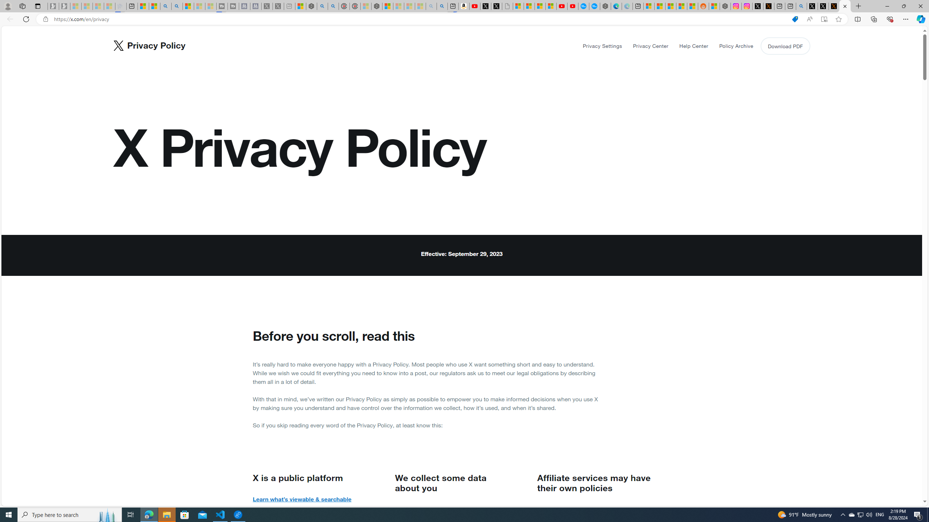 The width and height of the screenshot is (929, 522). Describe the element at coordinates (904, 6) in the screenshot. I see `'Restore'` at that location.